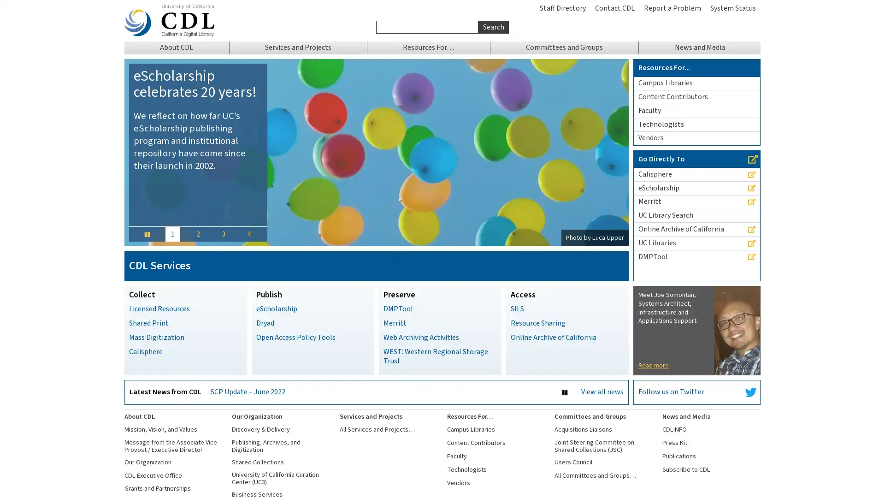 Image resolution: width=885 pixels, height=498 pixels. What do you see at coordinates (172, 233) in the screenshot?
I see `go to slide 1 of 4` at bounding box center [172, 233].